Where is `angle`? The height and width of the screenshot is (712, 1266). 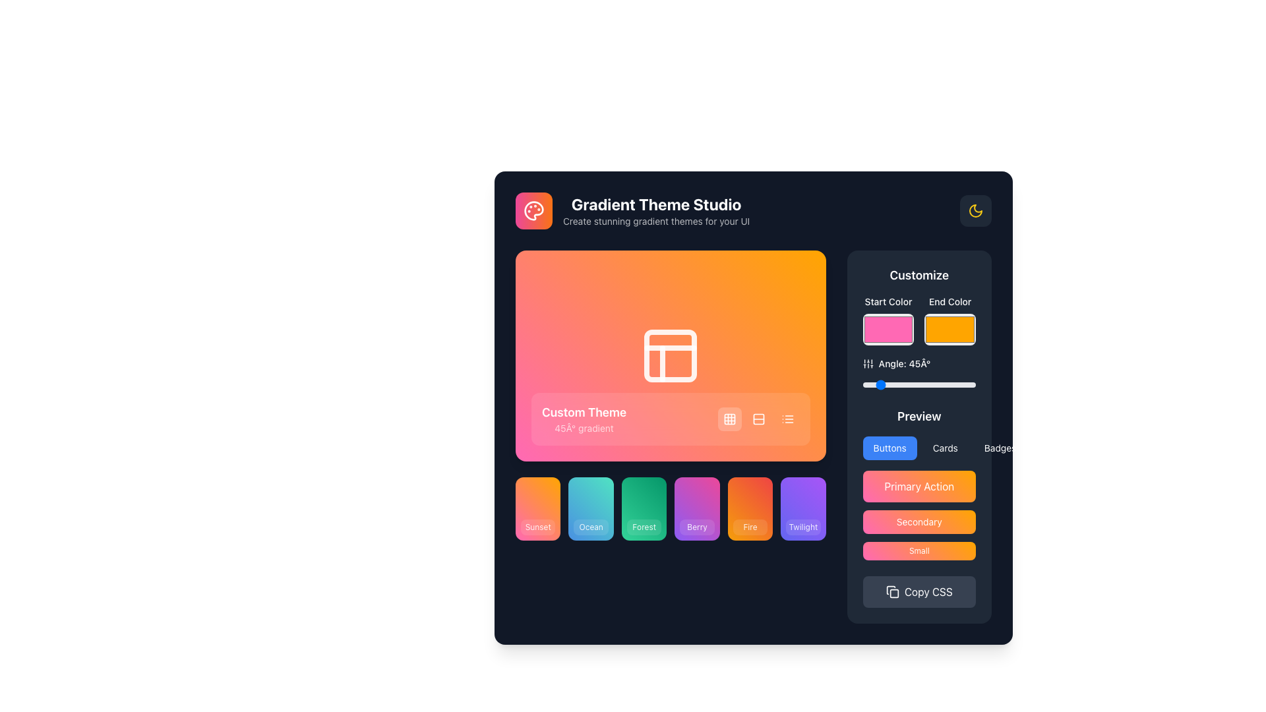 angle is located at coordinates (940, 384).